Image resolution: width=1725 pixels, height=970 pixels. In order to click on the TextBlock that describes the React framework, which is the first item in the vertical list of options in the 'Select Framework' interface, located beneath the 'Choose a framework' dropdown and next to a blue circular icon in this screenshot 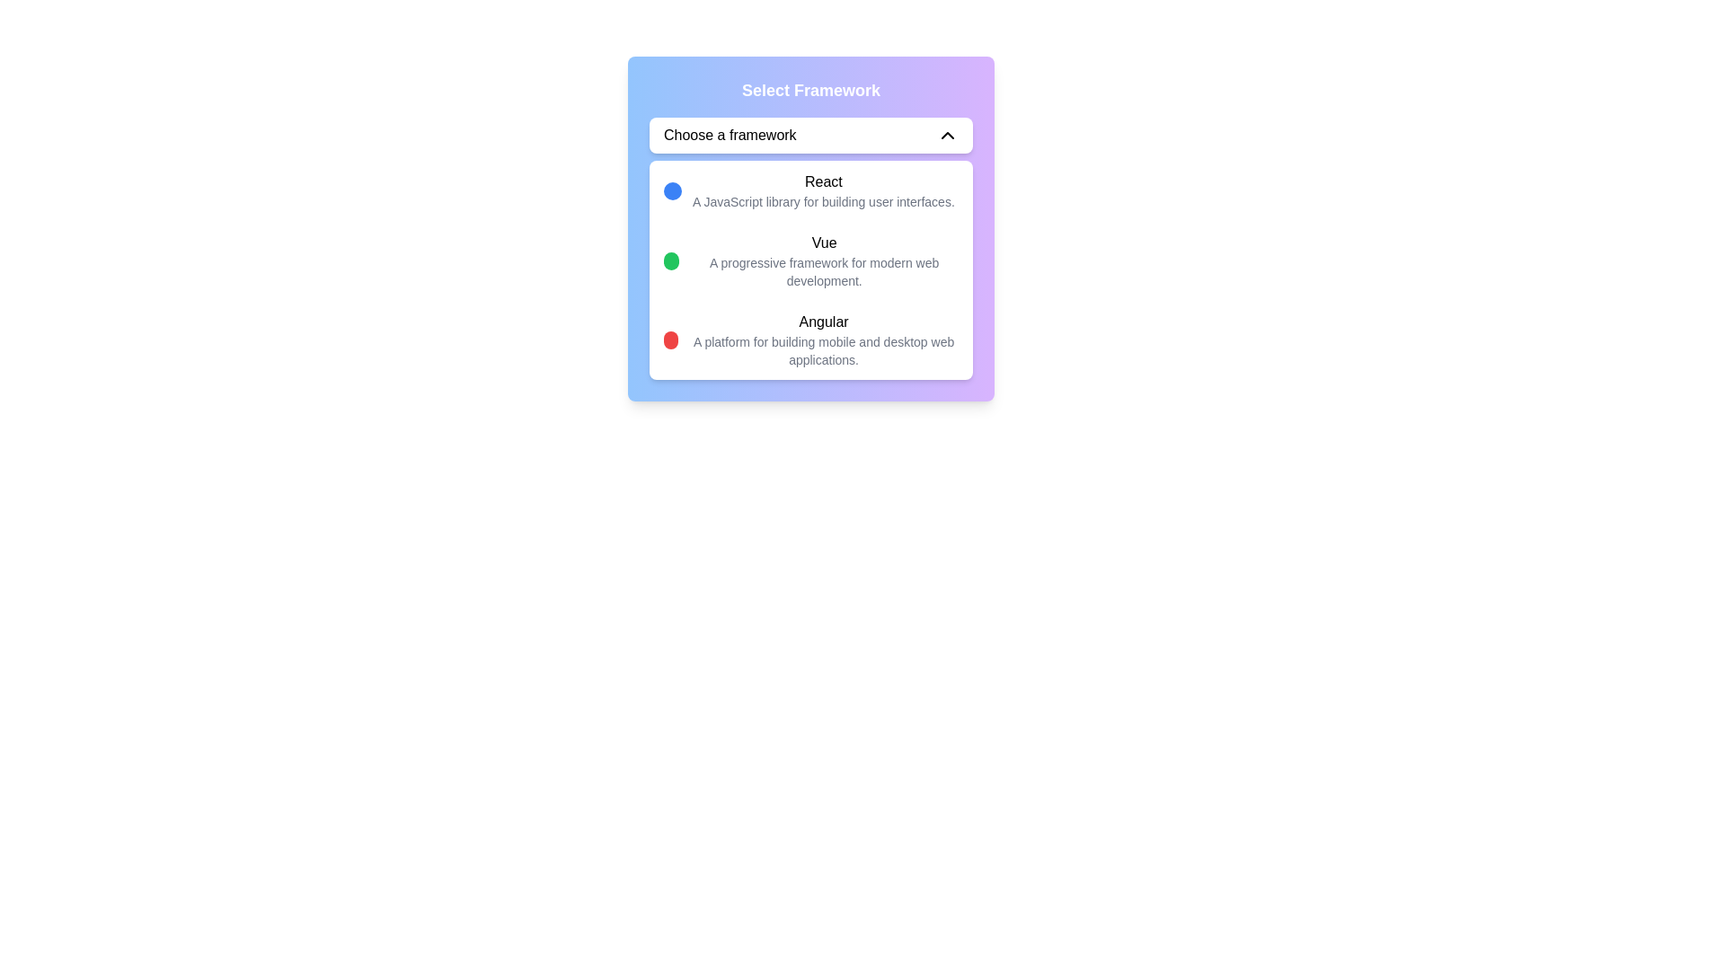, I will do `click(822, 190)`.